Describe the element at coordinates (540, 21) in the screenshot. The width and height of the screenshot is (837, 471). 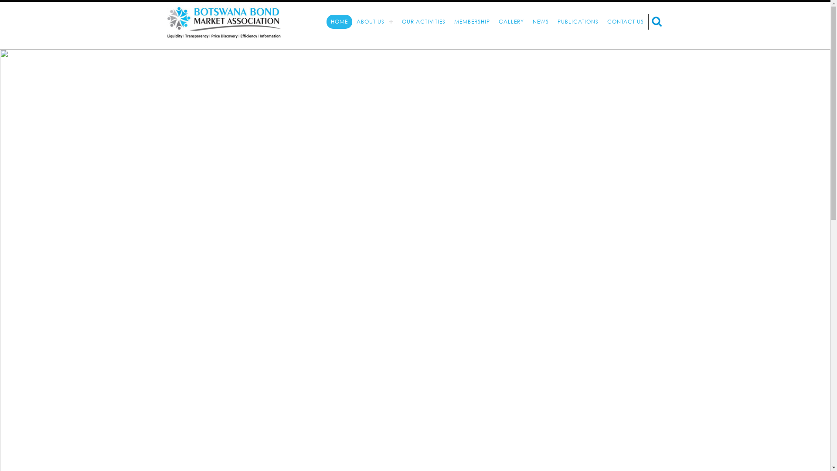
I see `'NEWS'` at that location.